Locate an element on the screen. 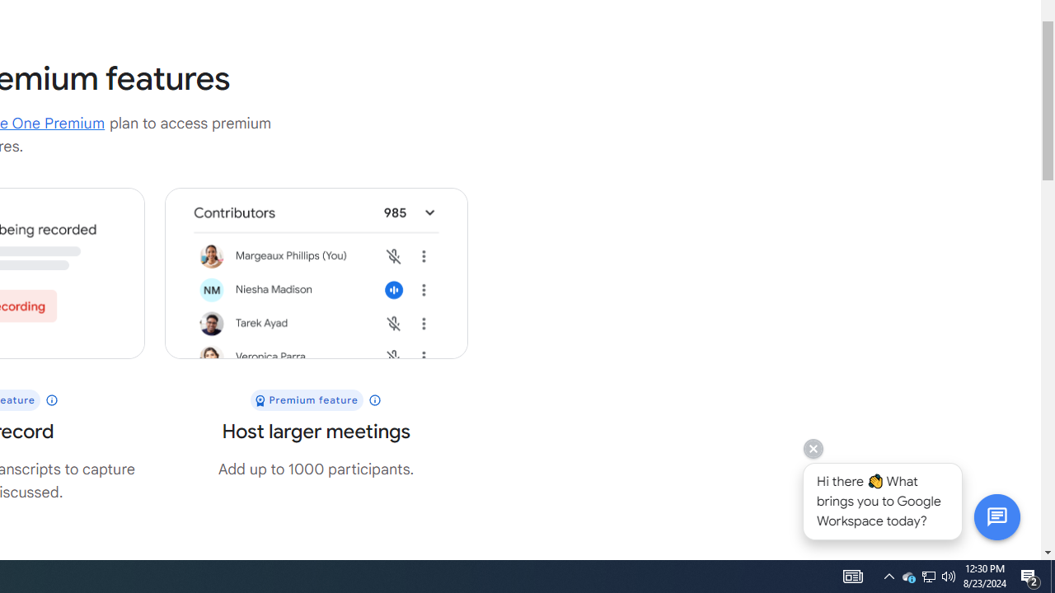 This screenshot has height=593, width=1055. 'AutomationID: cloud-chatbot-chat-activate-bar-desktop' is located at coordinates (996, 516).